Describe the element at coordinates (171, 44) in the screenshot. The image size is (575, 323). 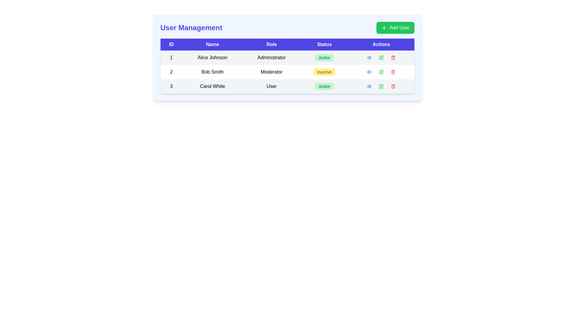
I see `the 'ID' label in the table header, which is displayed in bold white font on a blue background and is the leftmost element in the header row` at that location.